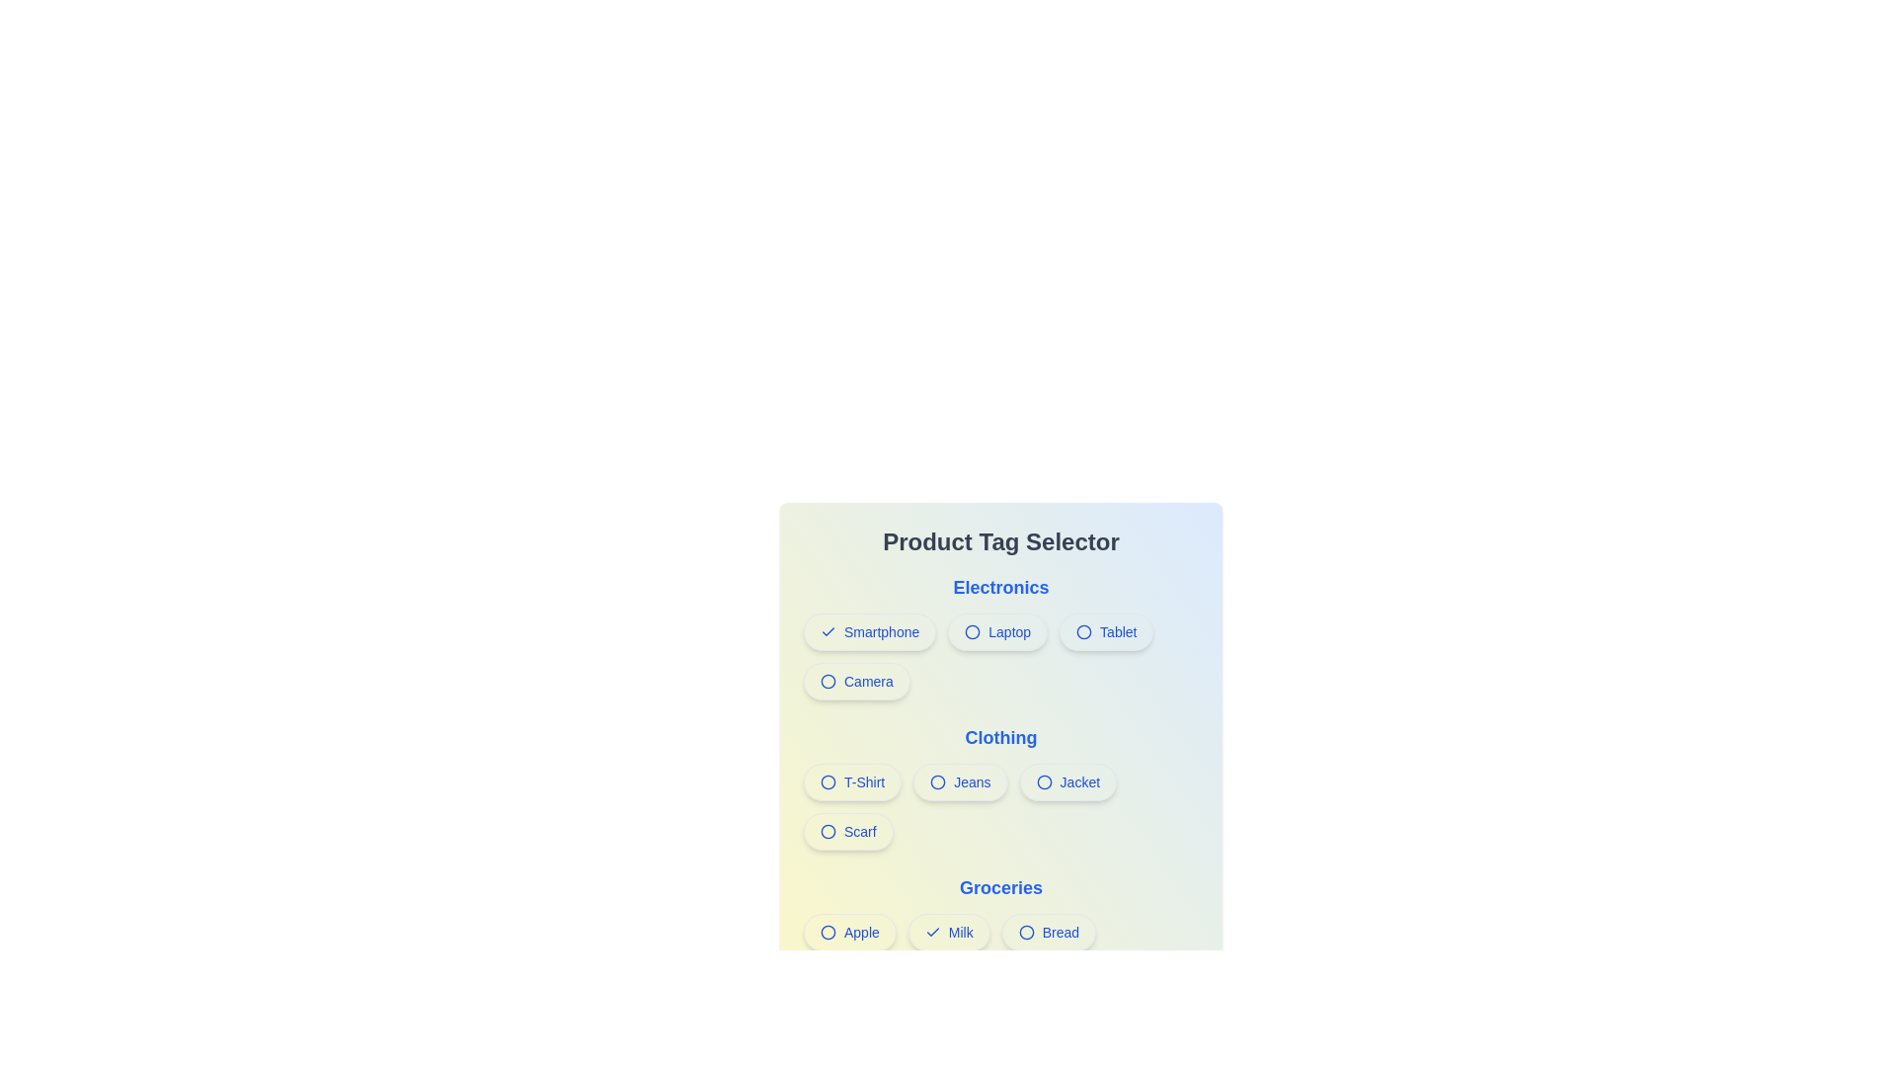 The width and height of the screenshot is (1896, 1067). What do you see at coordinates (937, 780) in the screenshot?
I see `the radio button representing the 'Jeans' option in the clothing category` at bounding box center [937, 780].